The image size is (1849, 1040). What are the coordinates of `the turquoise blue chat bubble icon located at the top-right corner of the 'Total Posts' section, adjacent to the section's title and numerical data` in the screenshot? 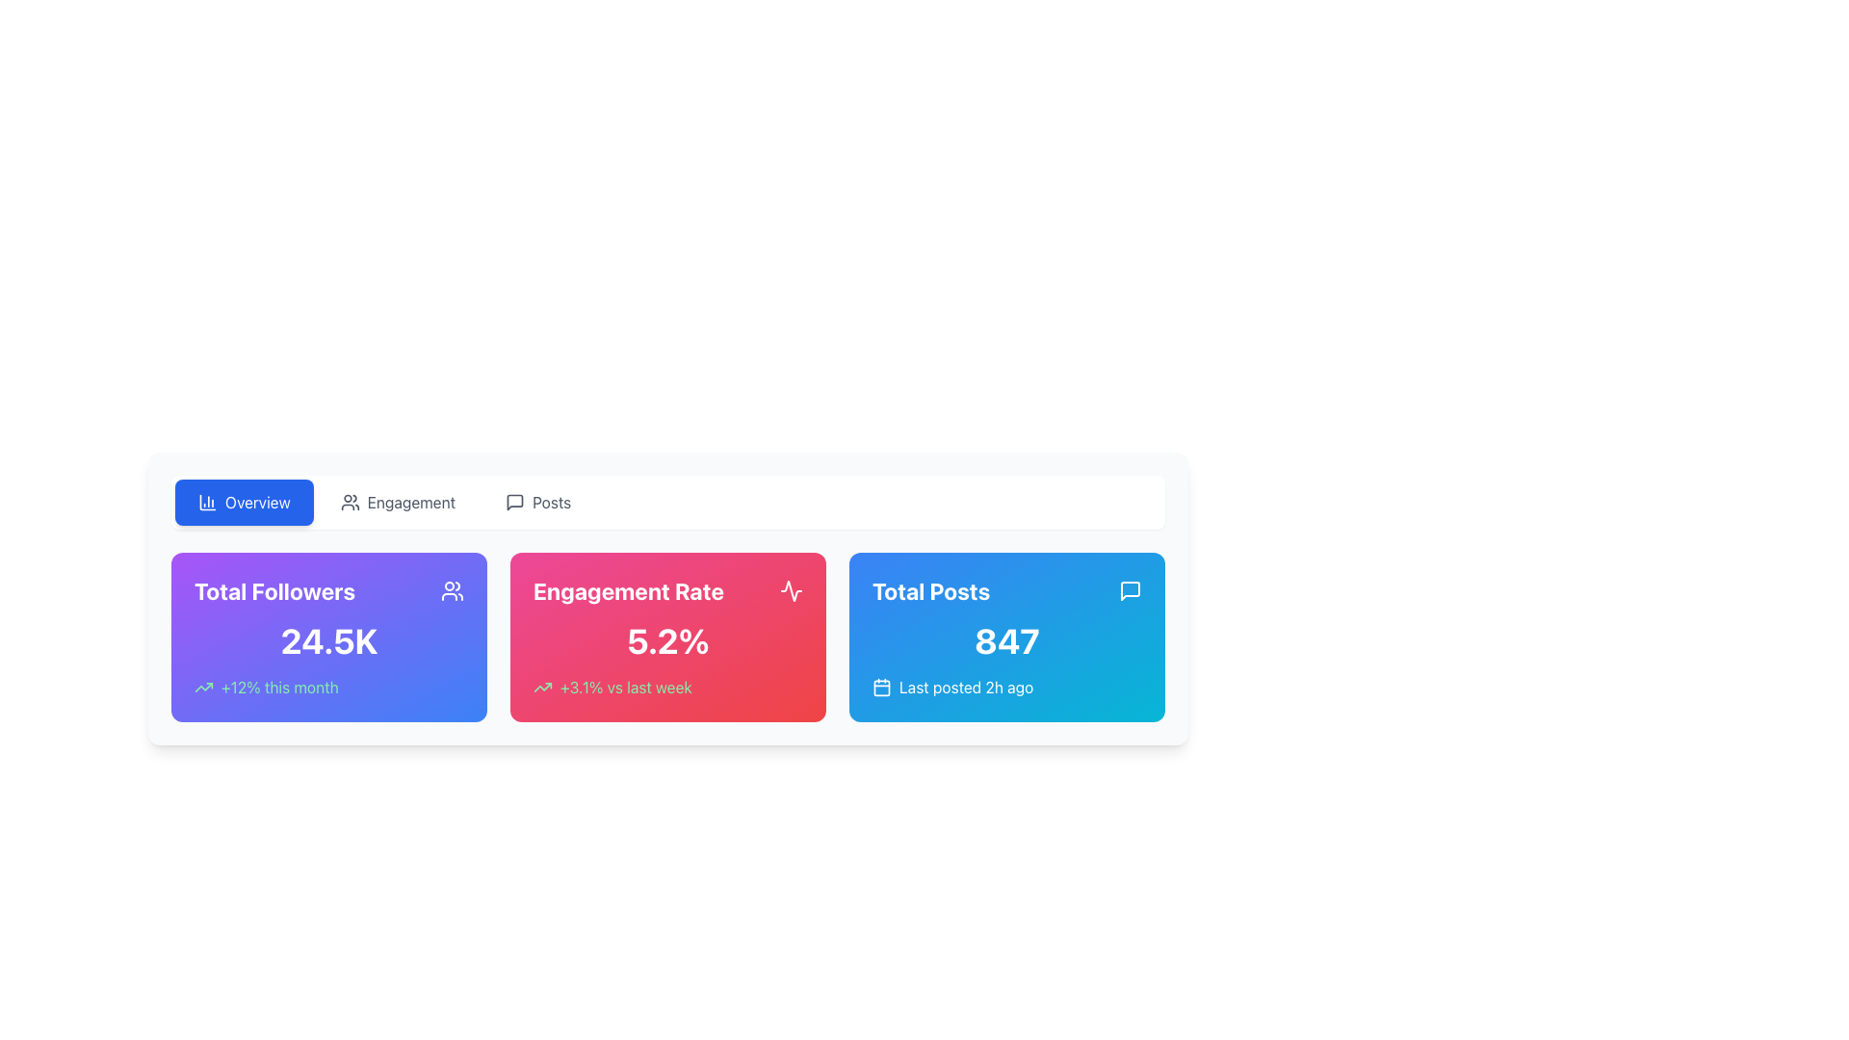 It's located at (1131, 589).